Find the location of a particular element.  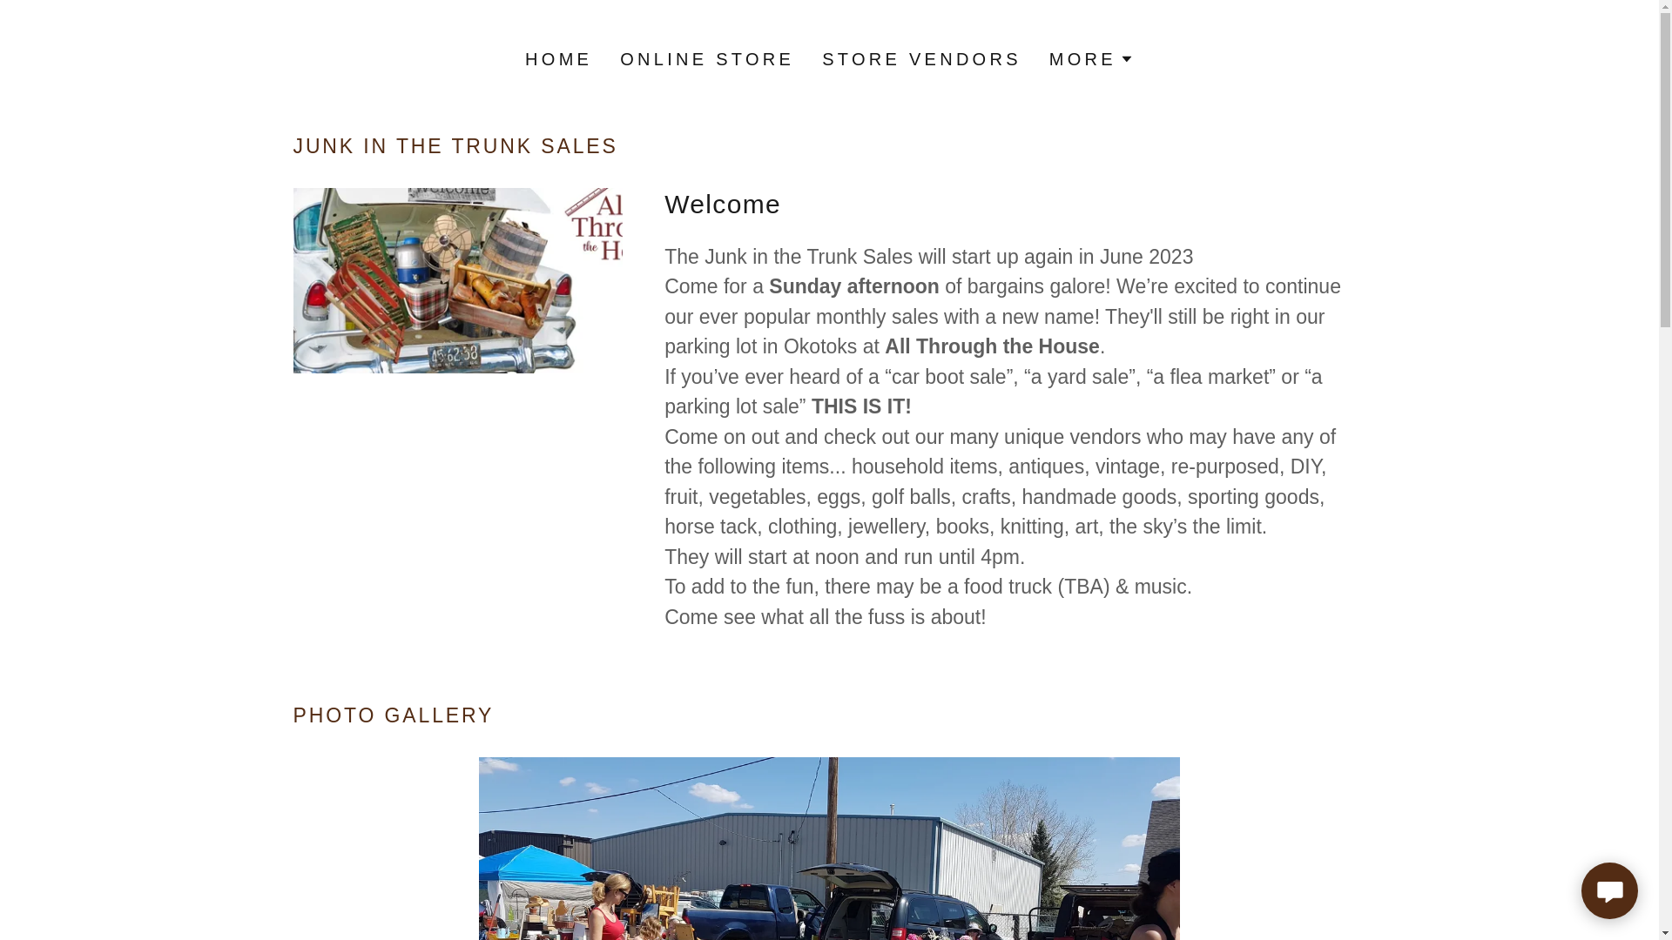

'MORE' is located at coordinates (1090, 58).